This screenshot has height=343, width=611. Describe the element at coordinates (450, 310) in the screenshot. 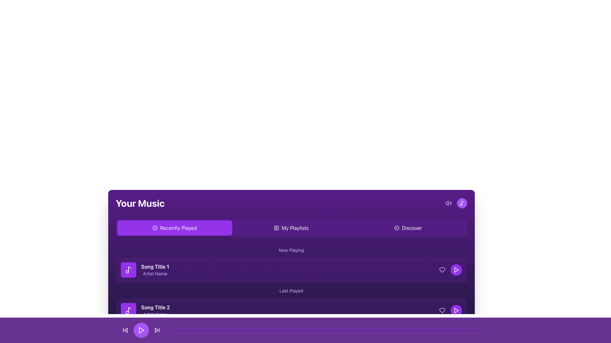

I see `the circular button with a purple background and a white play icon to play the song associated with 'Song Title 2' and 'Artist Name'` at that location.